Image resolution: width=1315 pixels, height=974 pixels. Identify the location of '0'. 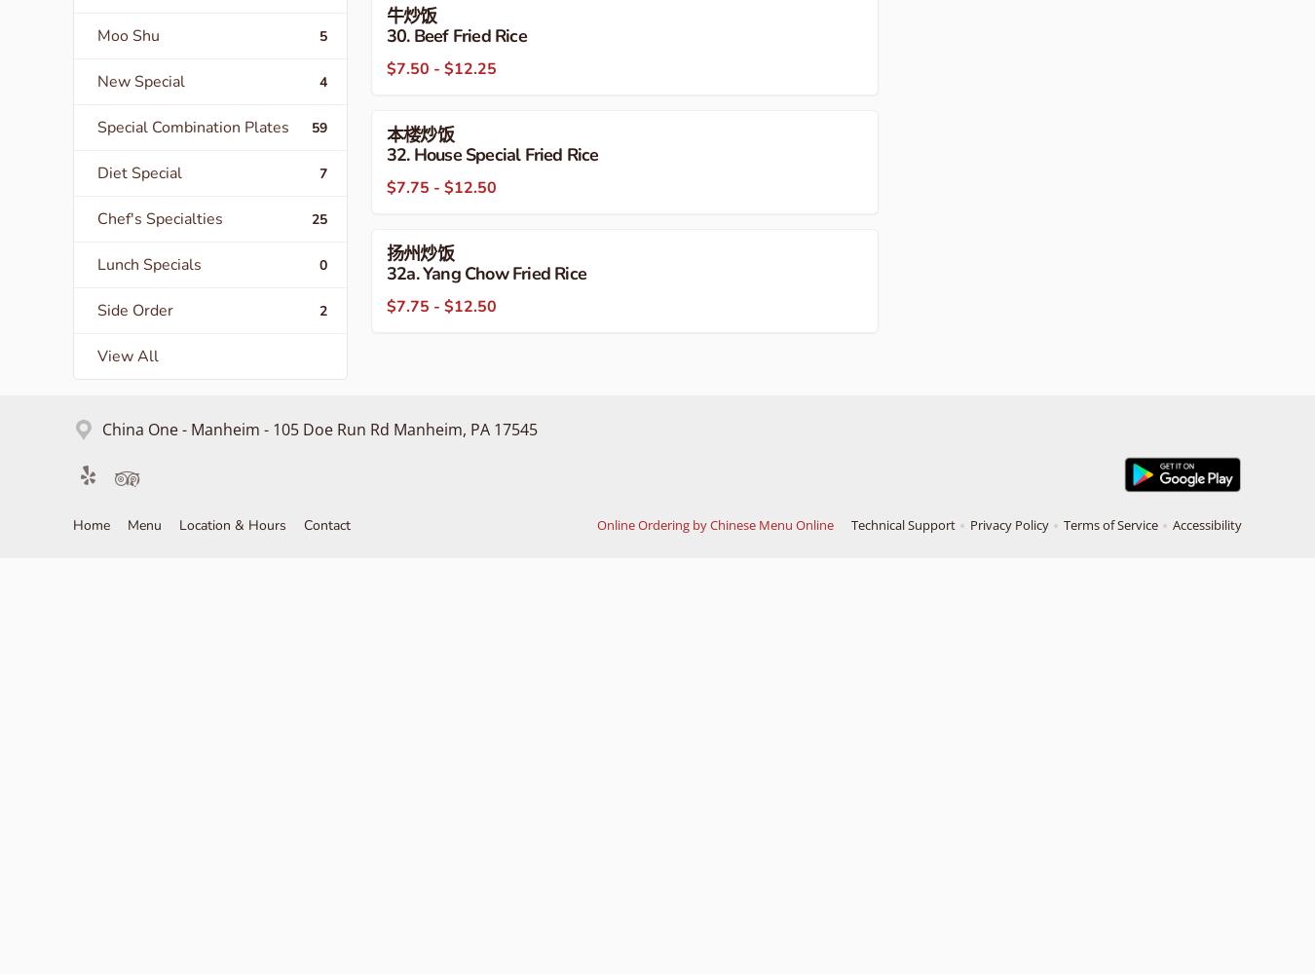
(319, 264).